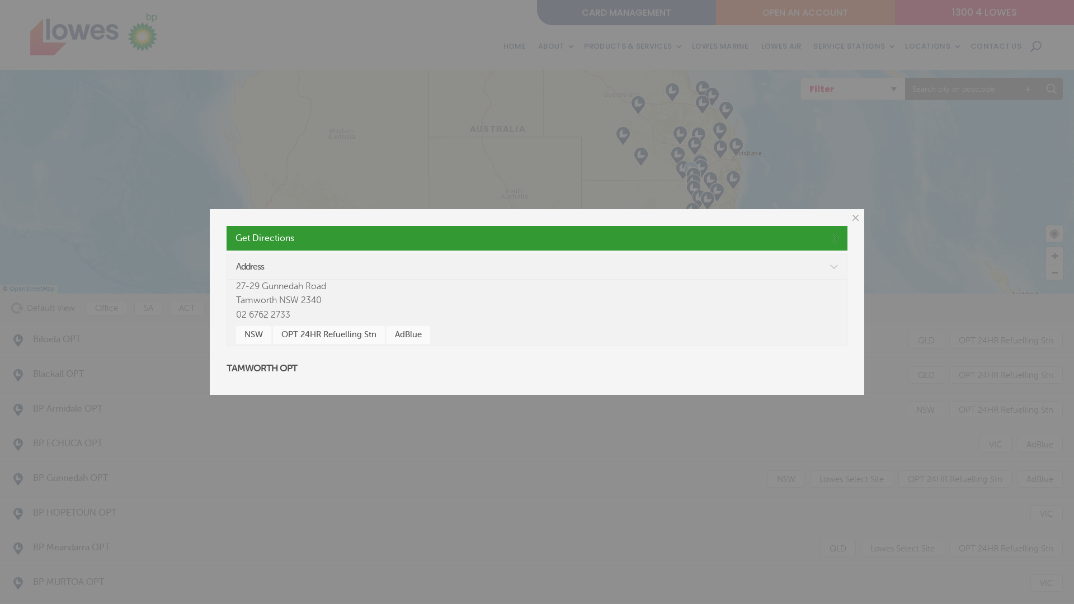  What do you see at coordinates (11, 308) in the screenshot?
I see `'Default View'` at bounding box center [11, 308].